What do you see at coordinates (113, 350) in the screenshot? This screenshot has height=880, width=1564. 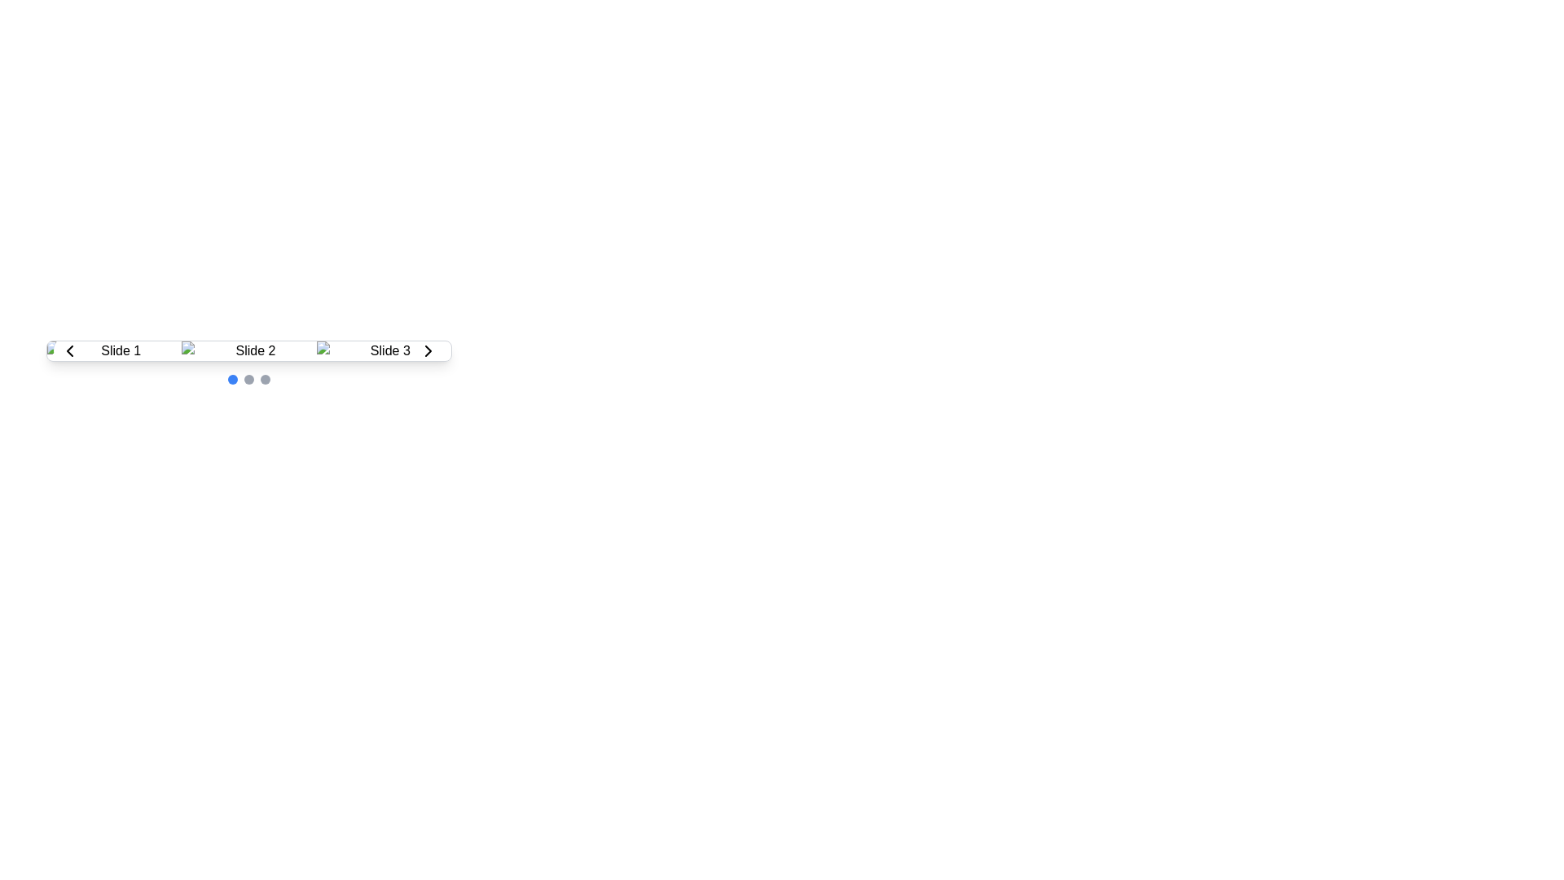 I see `the image displaying 'Slide 1'` at bounding box center [113, 350].